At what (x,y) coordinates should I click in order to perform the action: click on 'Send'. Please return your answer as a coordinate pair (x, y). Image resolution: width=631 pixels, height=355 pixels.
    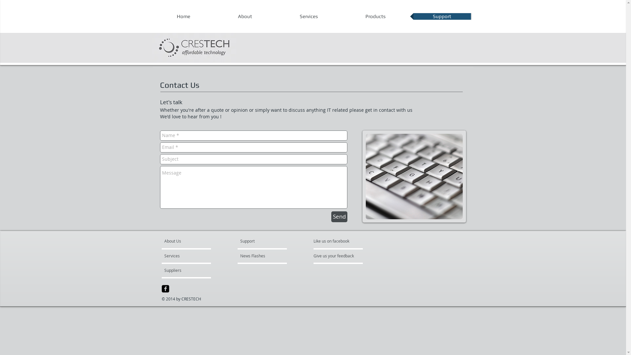
    Looking at the image, I should click on (339, 217).